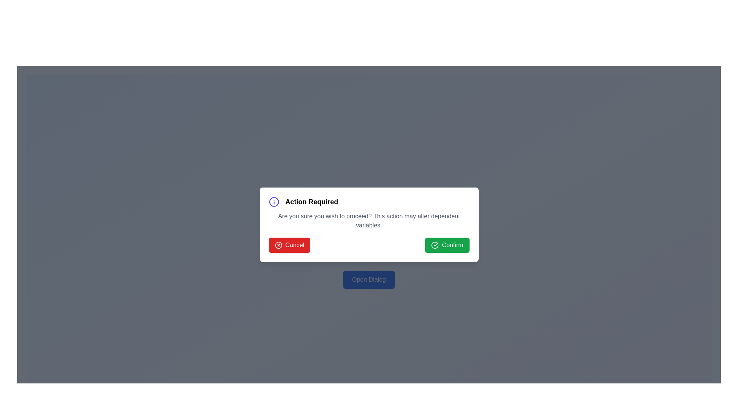 This screenshot has height=410, width=730. What do you see at coordinates (274, 201) in the screenshot?
I see `the SVG circle element that serves as the background of the information icon, which is located near the top-left corner of the dialog box, above the 'Action Required' heading text` at bounding box center [274, 201].